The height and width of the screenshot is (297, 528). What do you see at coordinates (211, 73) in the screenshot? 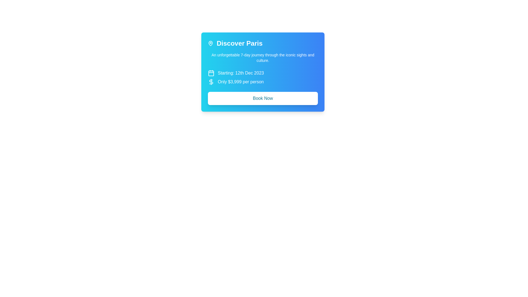
I see `the calendar icon, which is styled with a rectangular outline and two vertical bars, located to the left of the text 'Starting: 12th Dec 2023'` at bounding box center [211, 73].